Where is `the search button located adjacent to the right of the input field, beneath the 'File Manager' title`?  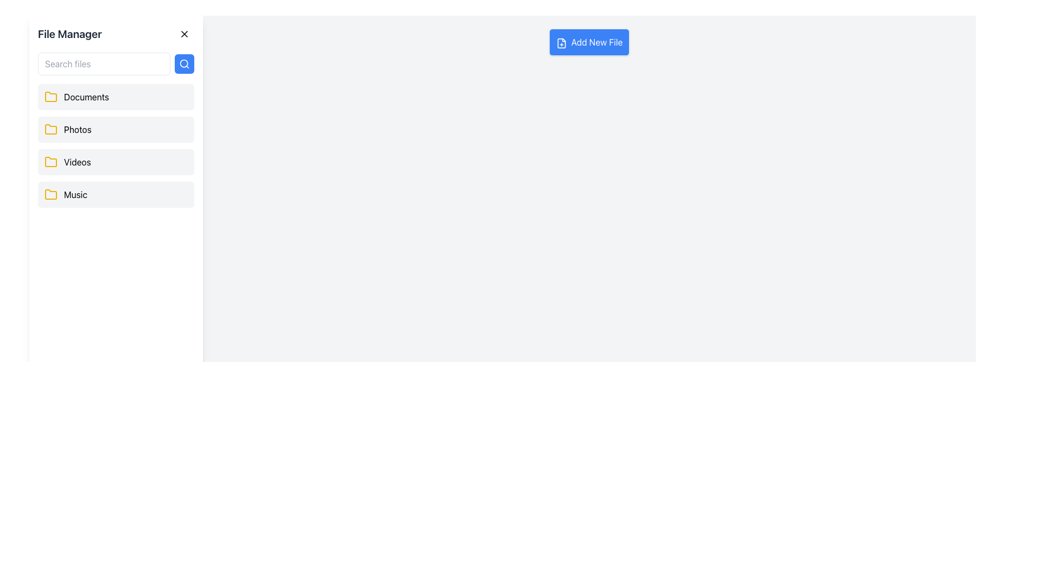
the search button located adjacent to the right of the input field, beneath the 'File Manager' title is located at coordinates (185, 64).